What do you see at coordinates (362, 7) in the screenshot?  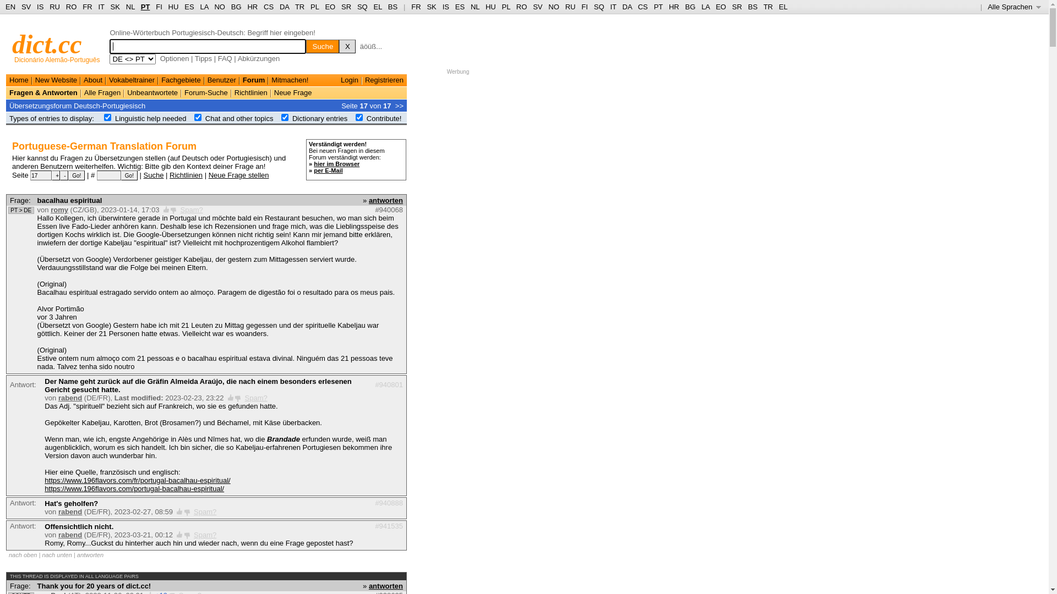 I see `'SQ'` at bounding box center [362, 7].